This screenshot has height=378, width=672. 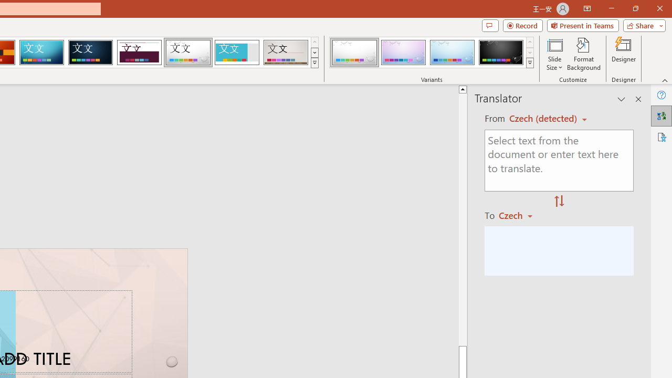 I want to click on 'Format Background', so click(x=583, y=54).